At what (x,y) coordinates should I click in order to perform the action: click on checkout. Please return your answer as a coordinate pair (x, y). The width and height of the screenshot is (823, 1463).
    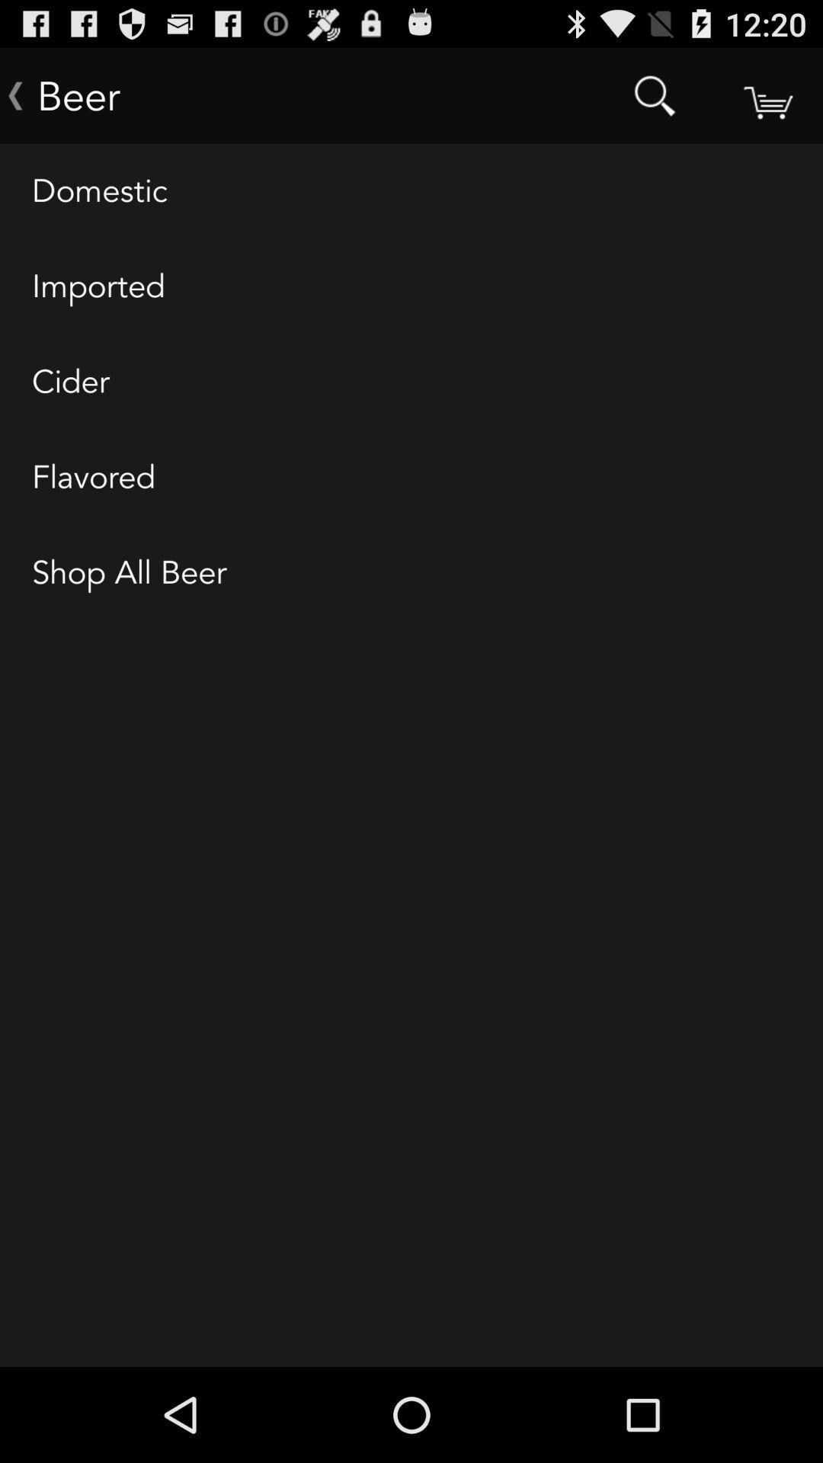
    Looking at the image, I should click on (767, 94).